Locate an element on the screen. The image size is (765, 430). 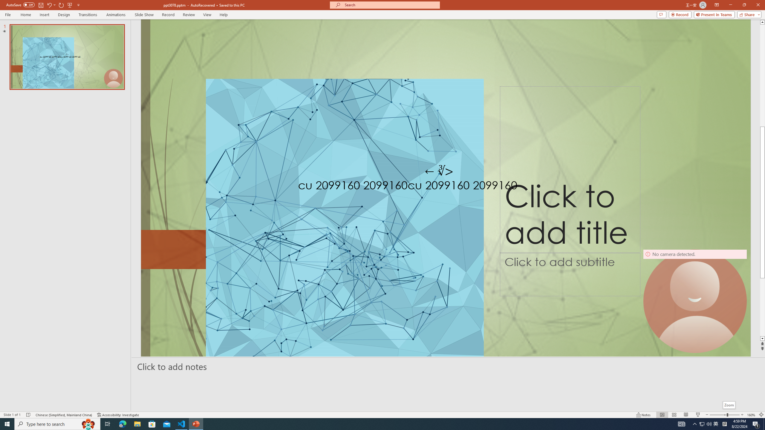
'Zoom 160%' is located at coordinates (752, 415).